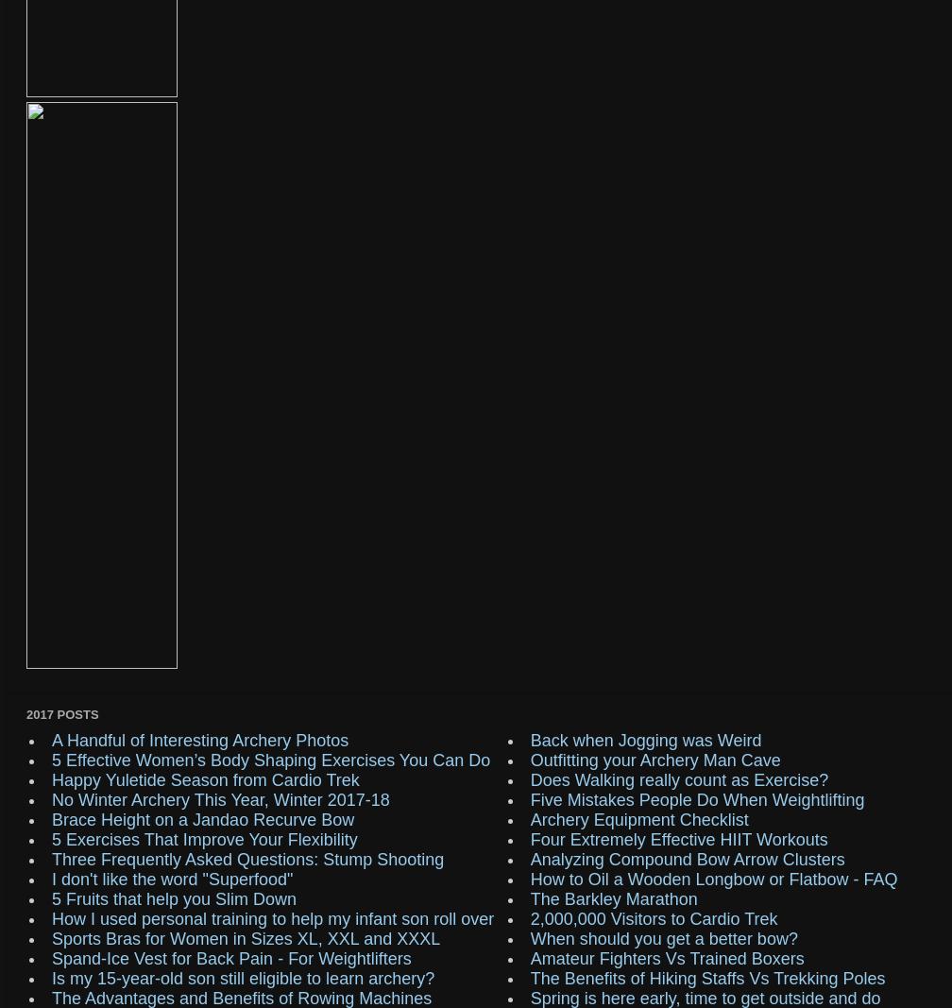  Describe the element at coordinates (713, 878) in the screenshot. I see `'How to Oil a Wooden Longbow or Flatbow - FAQ'` at that location.